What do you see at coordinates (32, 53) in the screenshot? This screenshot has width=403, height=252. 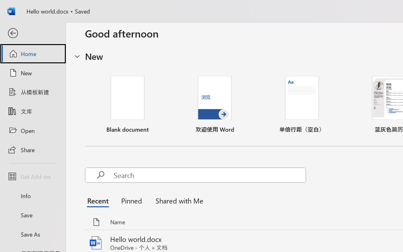 I see `'Home'` at bounding box center [32, 53].